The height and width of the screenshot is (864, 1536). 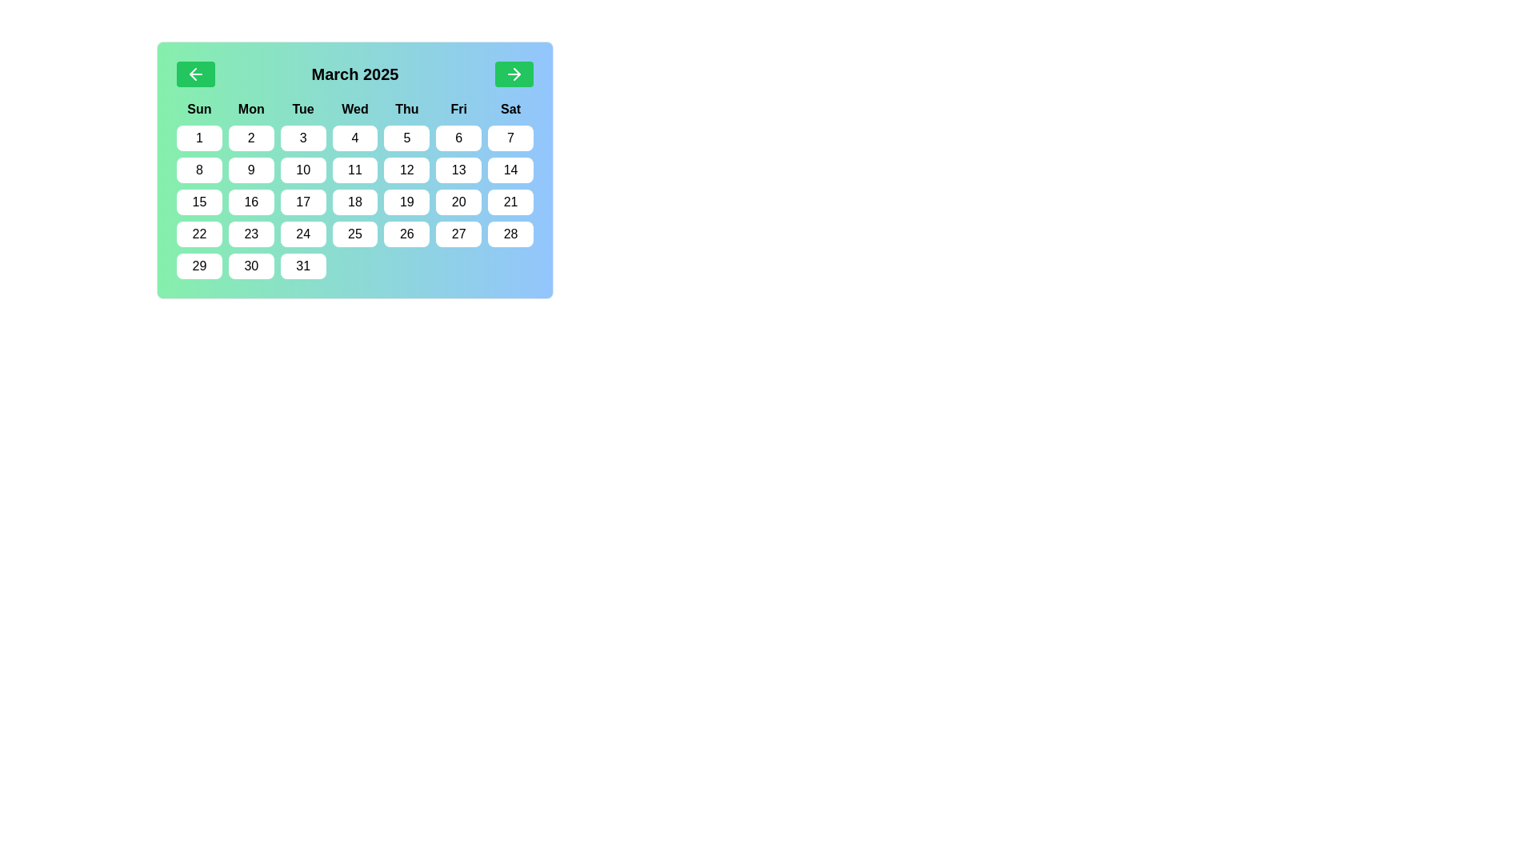 I want to click on the date '1' button in the March 2025 calendar, located in the top-left corner of the grid under the 'Sun' column, so click(x=198, y=138).